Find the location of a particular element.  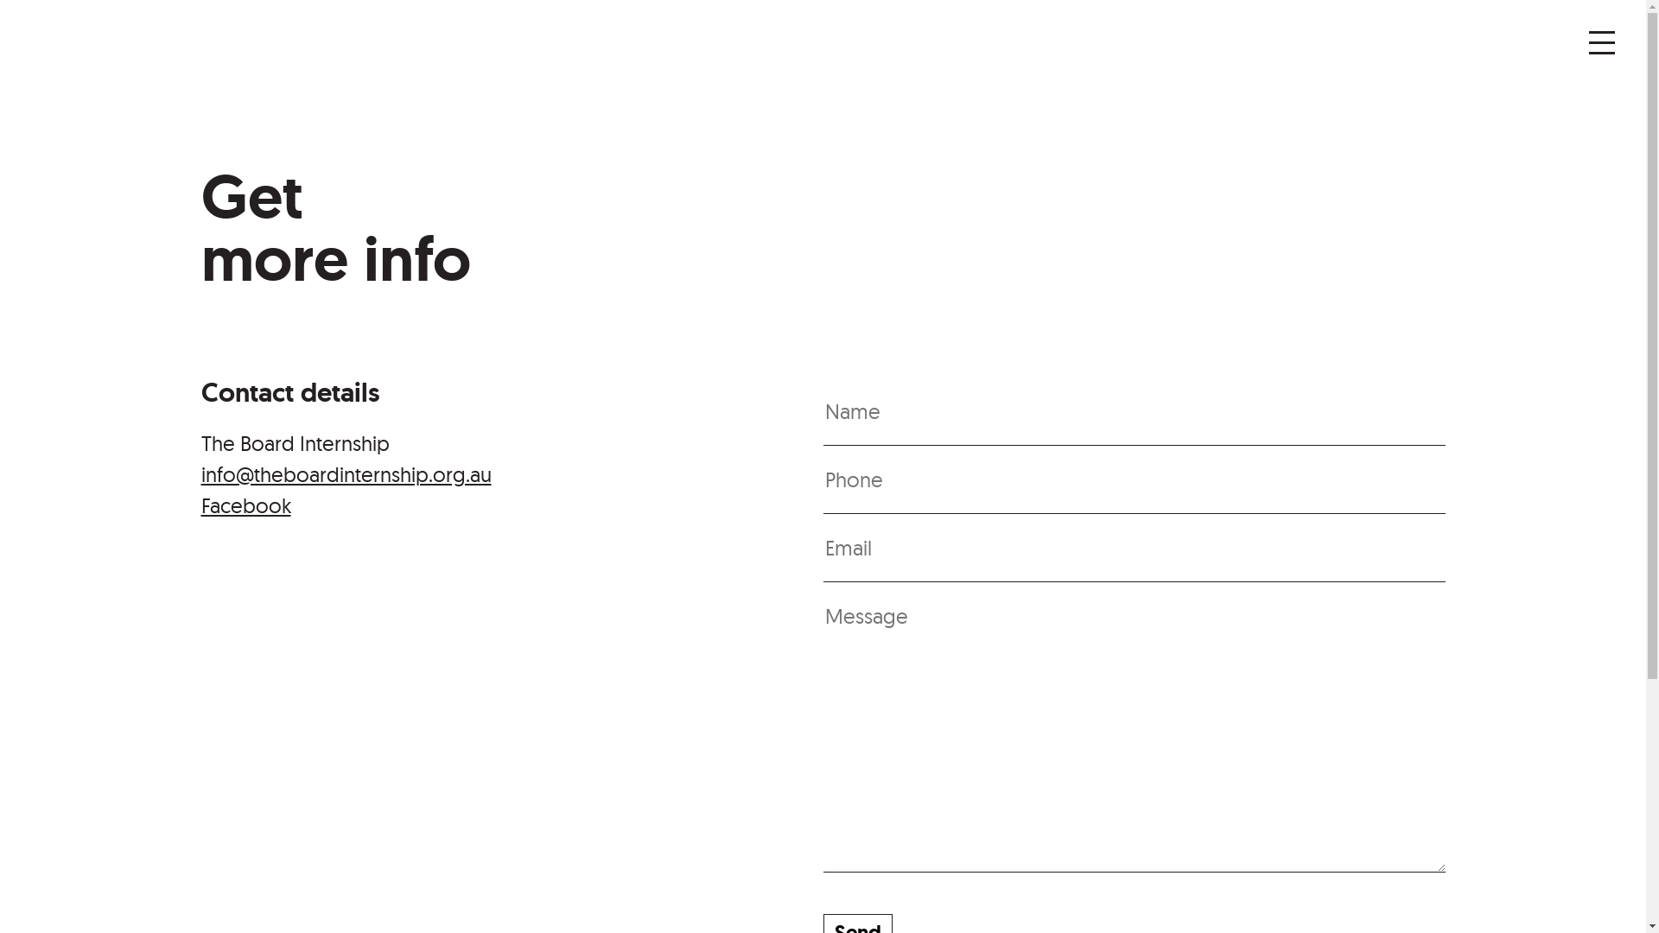

'Facebook' is located at coordinates (244, 505).